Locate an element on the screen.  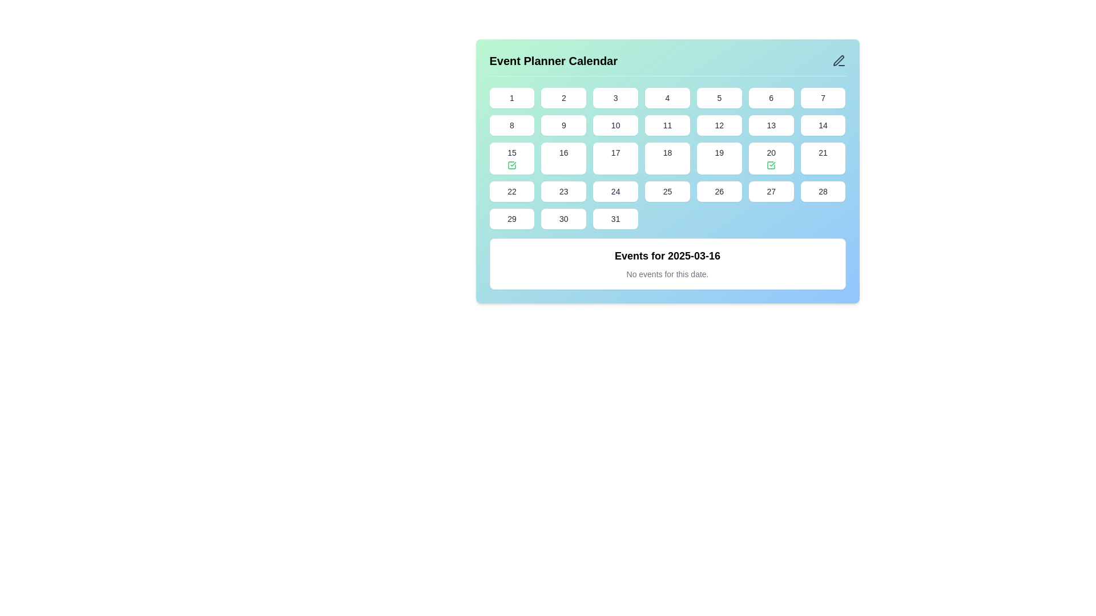
the button displaying the number '16' with a white background and gray text is located at coordinates (563, 158).